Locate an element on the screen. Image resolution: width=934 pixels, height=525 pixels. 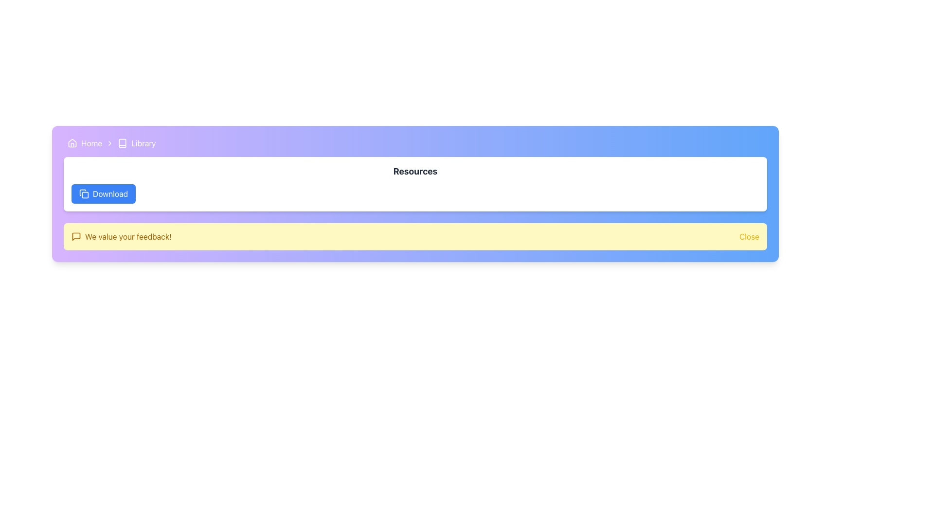
the 'Download' icon located inside the blue button labeled 'Download', positioned at the top-left corner of the button is located at coordinates (84, 193).